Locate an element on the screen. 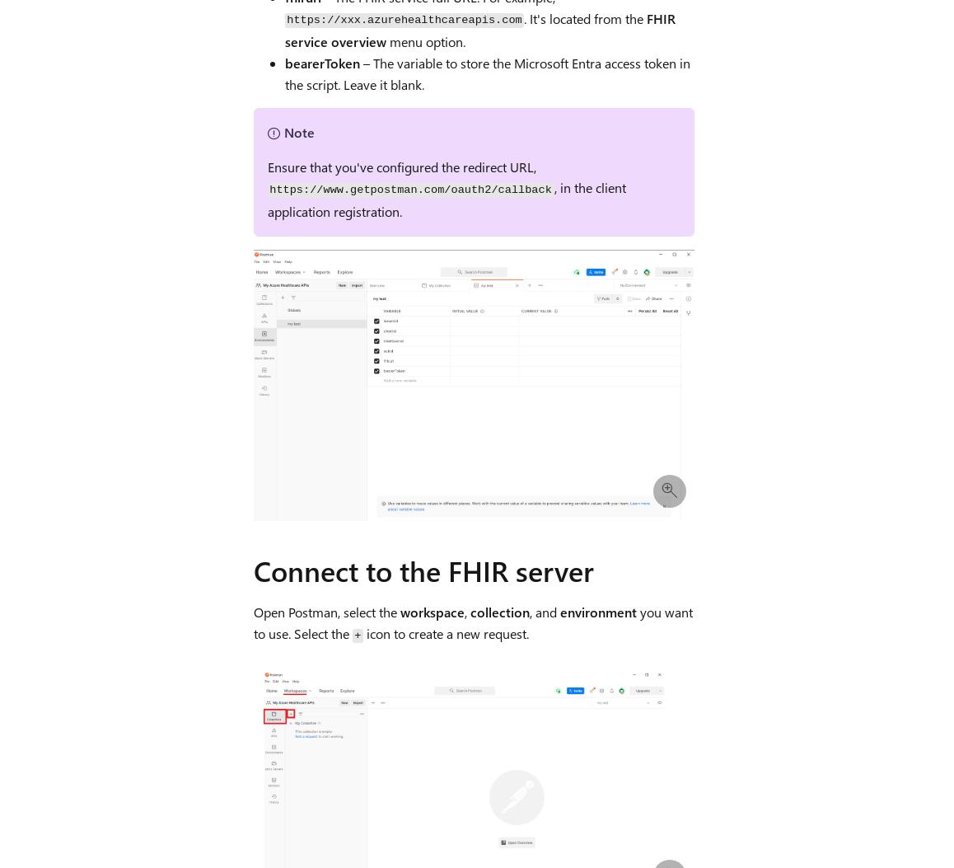  'environment' is located at coordinates (559, 611).